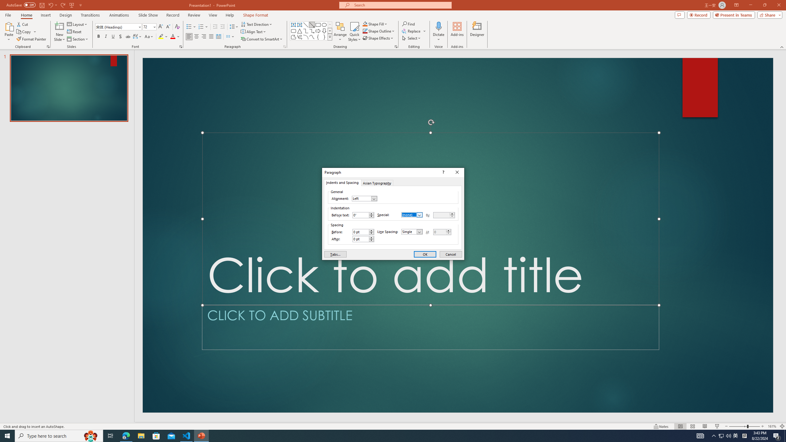  Describe the element at coordinates (744, 435) in the screenshot. I see `'Tray Input Indicator - Chinese (Simplified, China)'` at that location.